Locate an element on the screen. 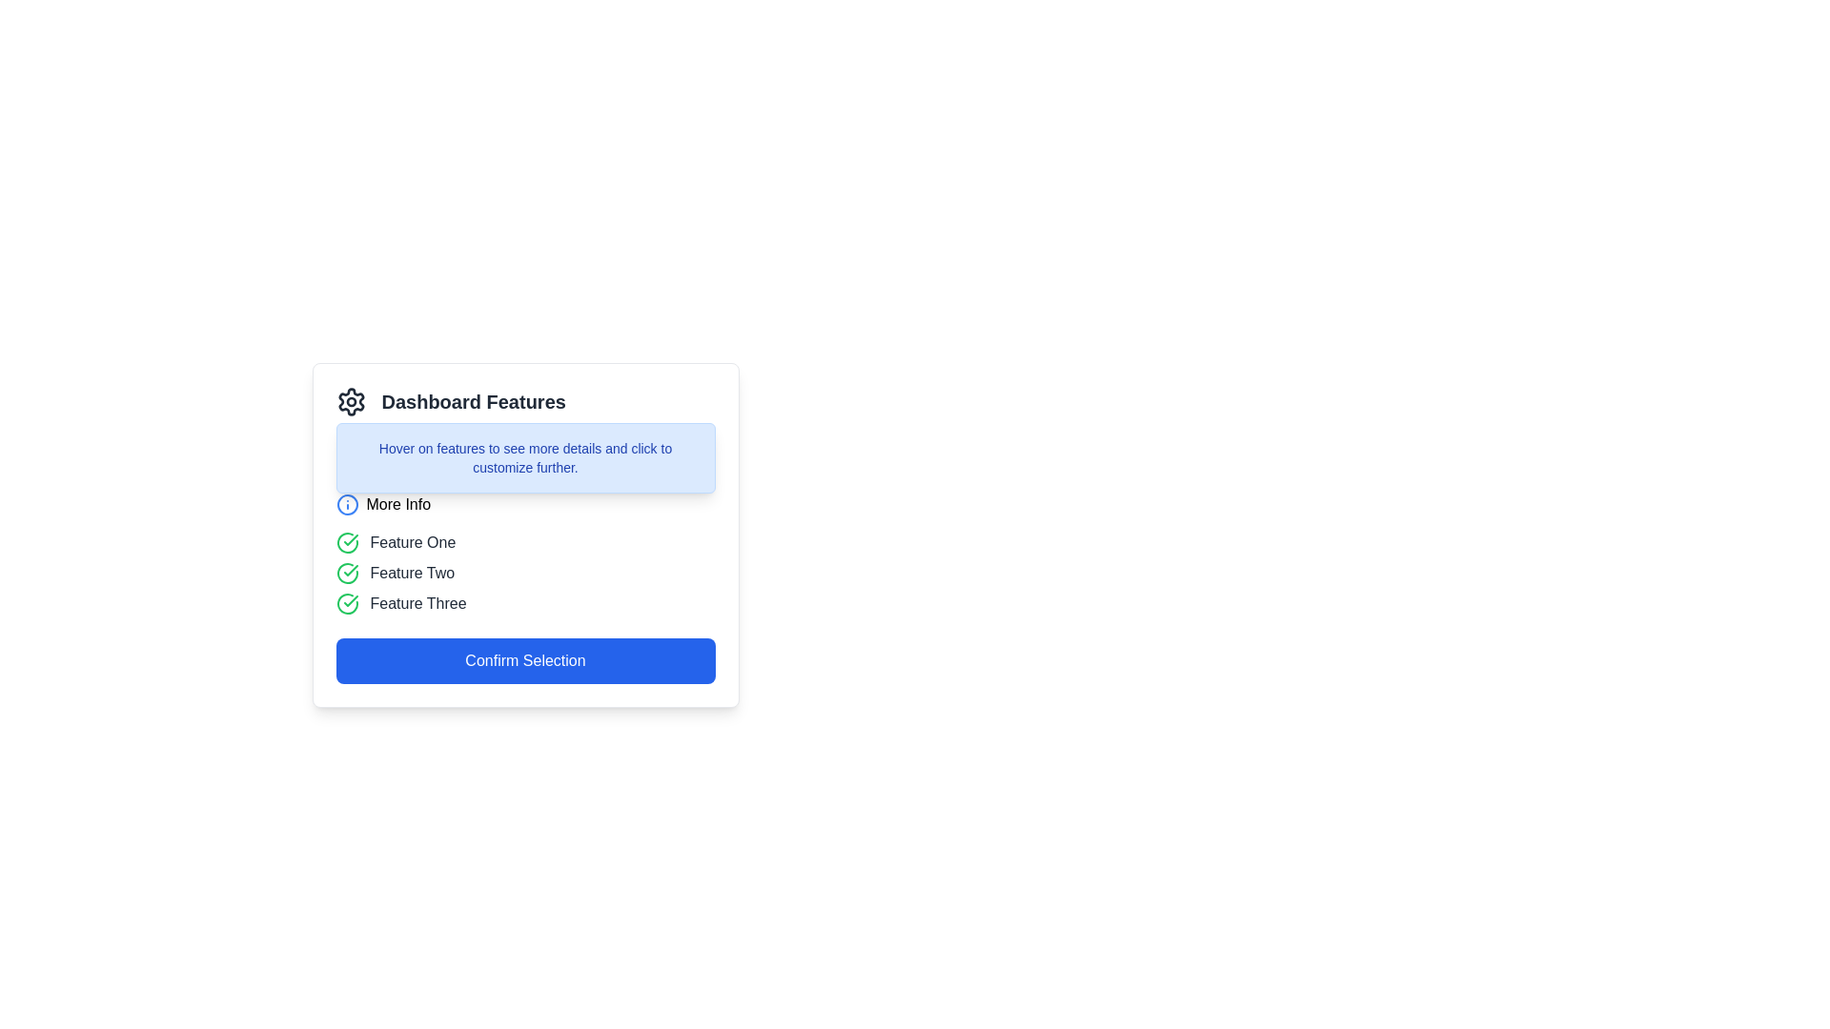  the paragraph of text styled with a smaller font size and gray color, located below the header titled 'Dashboard Features' is located at coordinates (525, 452).